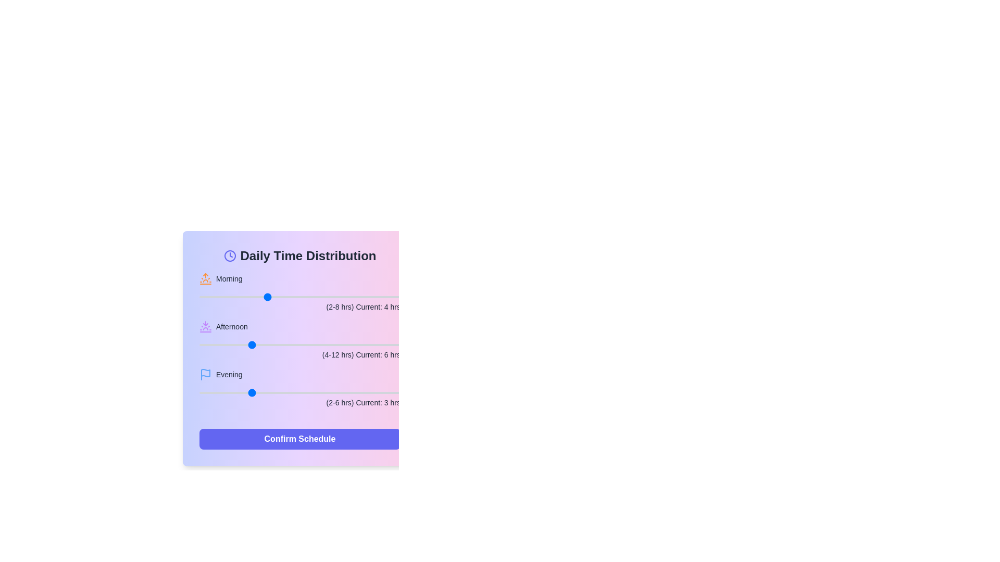 This screenshot has width=1000, height=562. I want to click on the afternoon time allocation, so click(350, 345).